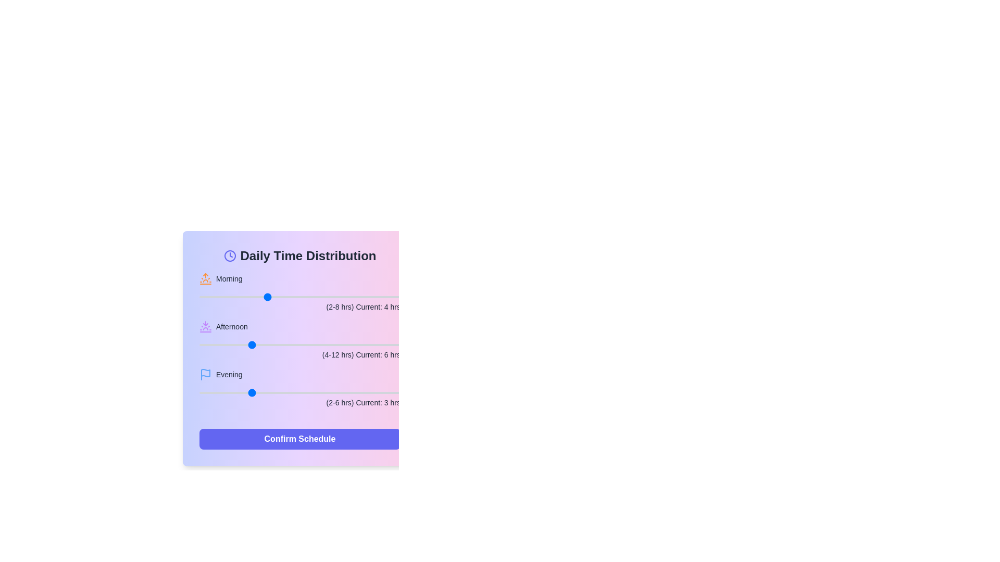 This screenshot has width=1000, height=562. I want to click on the afternoon time allocation, so click(350, 345).